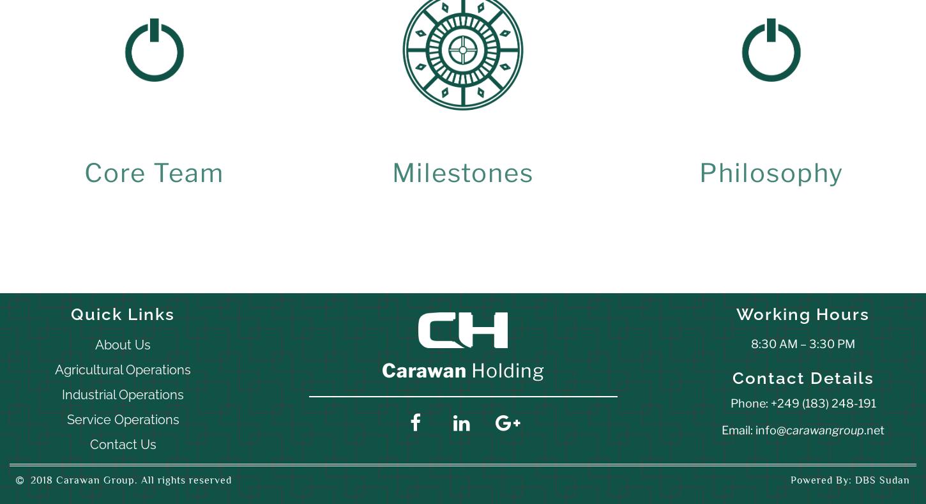  I want to click on 'Quick Links', so click(71, 314).